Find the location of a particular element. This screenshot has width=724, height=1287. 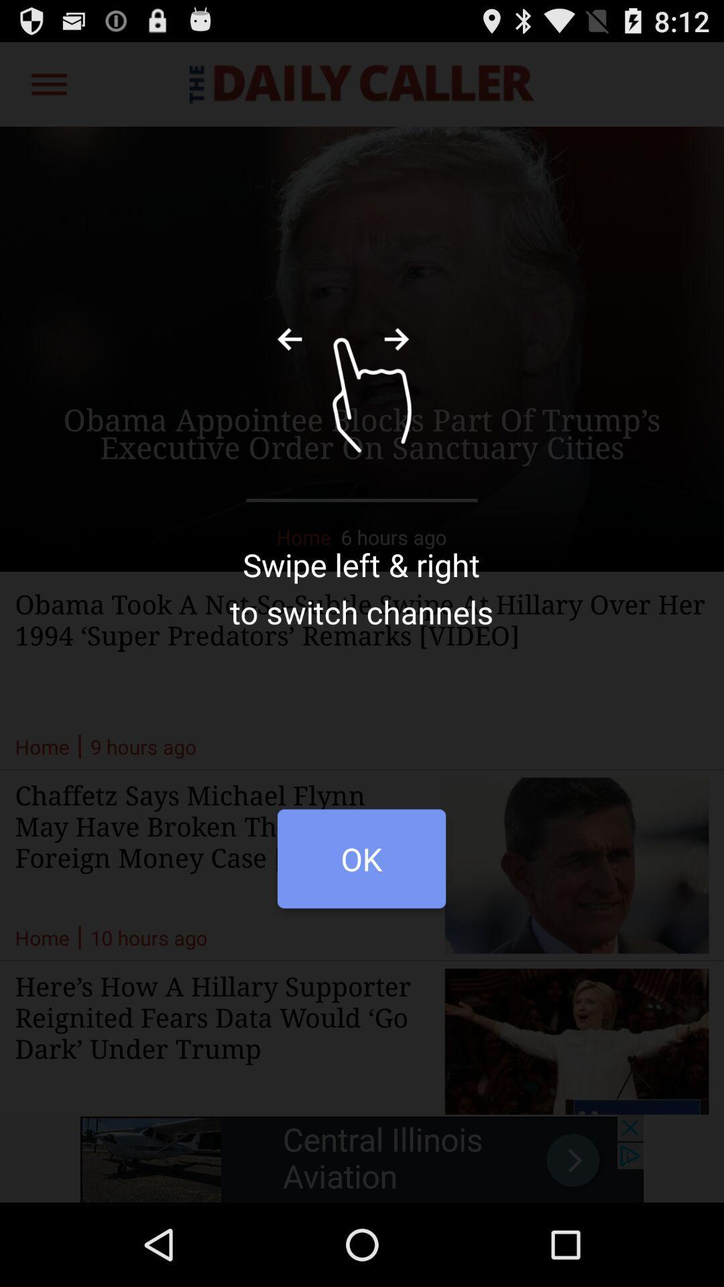

the item at the bottom is located at coordinates (361, 865).